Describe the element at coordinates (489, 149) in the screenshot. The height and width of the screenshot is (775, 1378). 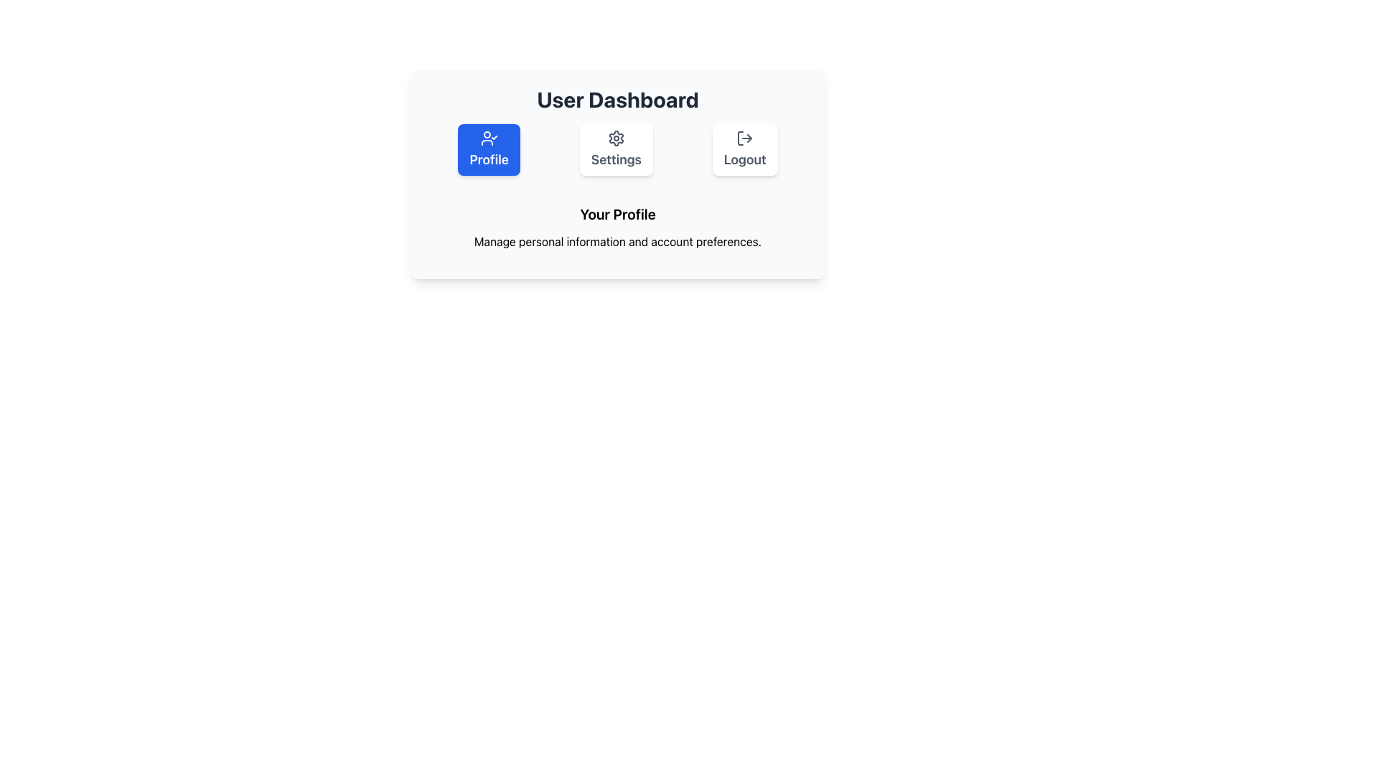
I see `the profile button, the first button from the left in a horizontal layout, to observe visual effects` at that location.